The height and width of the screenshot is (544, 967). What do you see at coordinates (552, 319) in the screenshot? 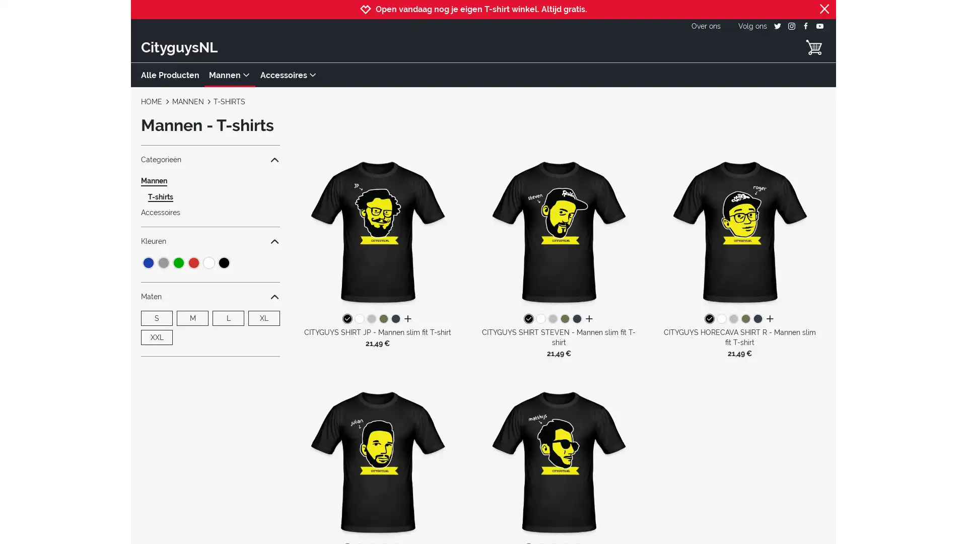
I see `grijs gemeleerd` at bounding box center [552, 319].